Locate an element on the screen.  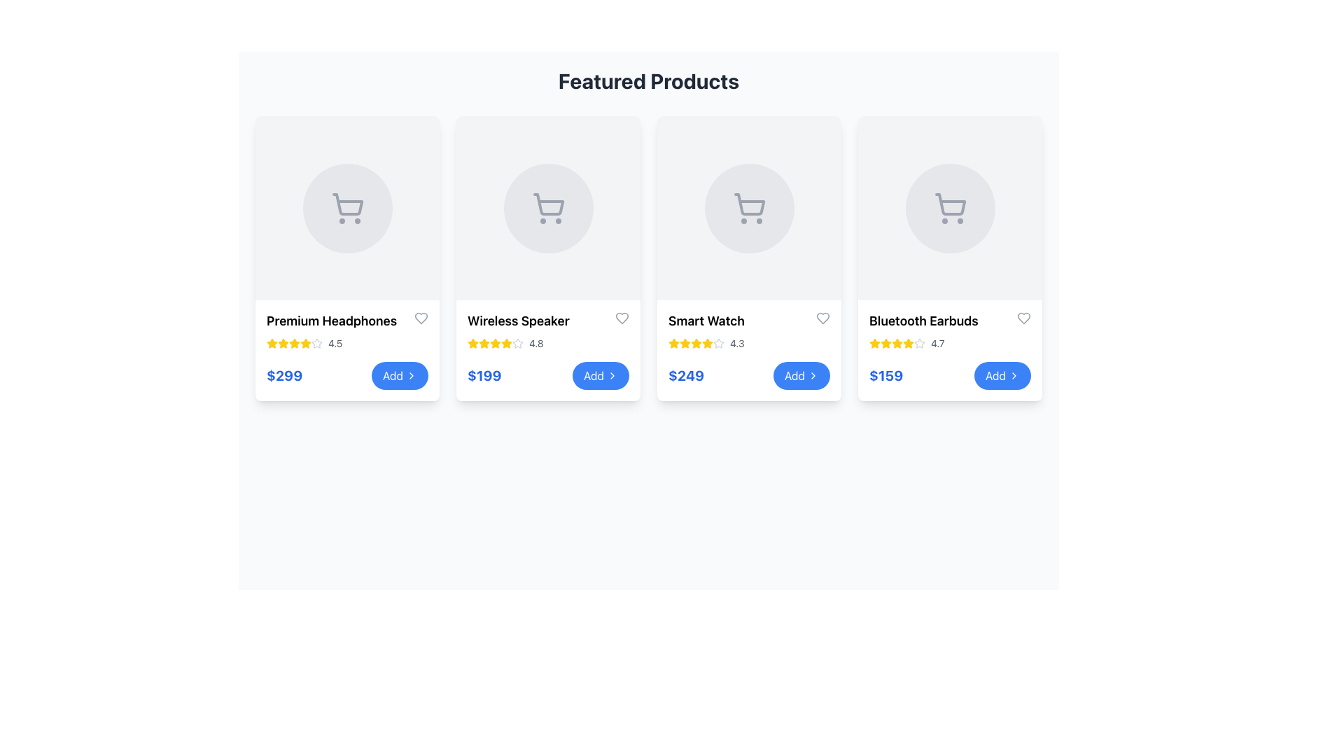
the rating display stars in the 'Bluetooth Earbuds' product card is located at coordinates (950, 343).